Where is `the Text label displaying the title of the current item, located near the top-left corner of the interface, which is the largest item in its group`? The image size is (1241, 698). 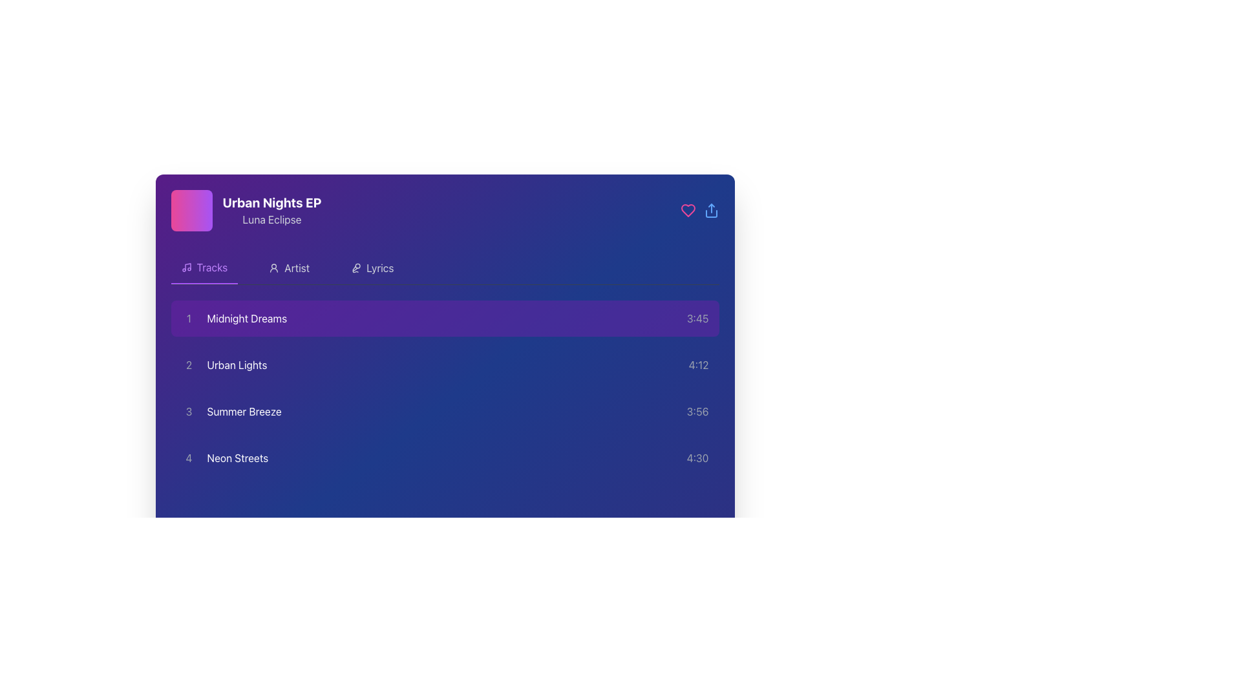 the Text label displaying the title of the current item, located near the top-left corner of the interface, which is the largest item in its group is located at coordinates (271, 202).